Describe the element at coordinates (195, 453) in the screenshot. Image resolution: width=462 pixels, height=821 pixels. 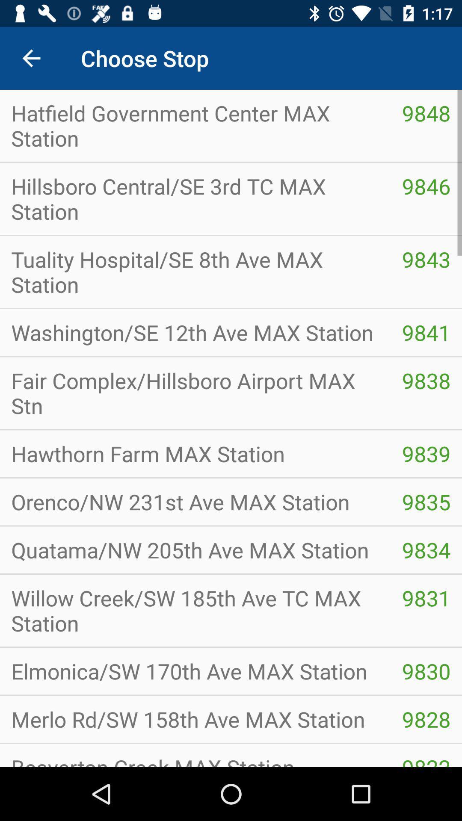
I see `the icon next to the 9839` at that location.